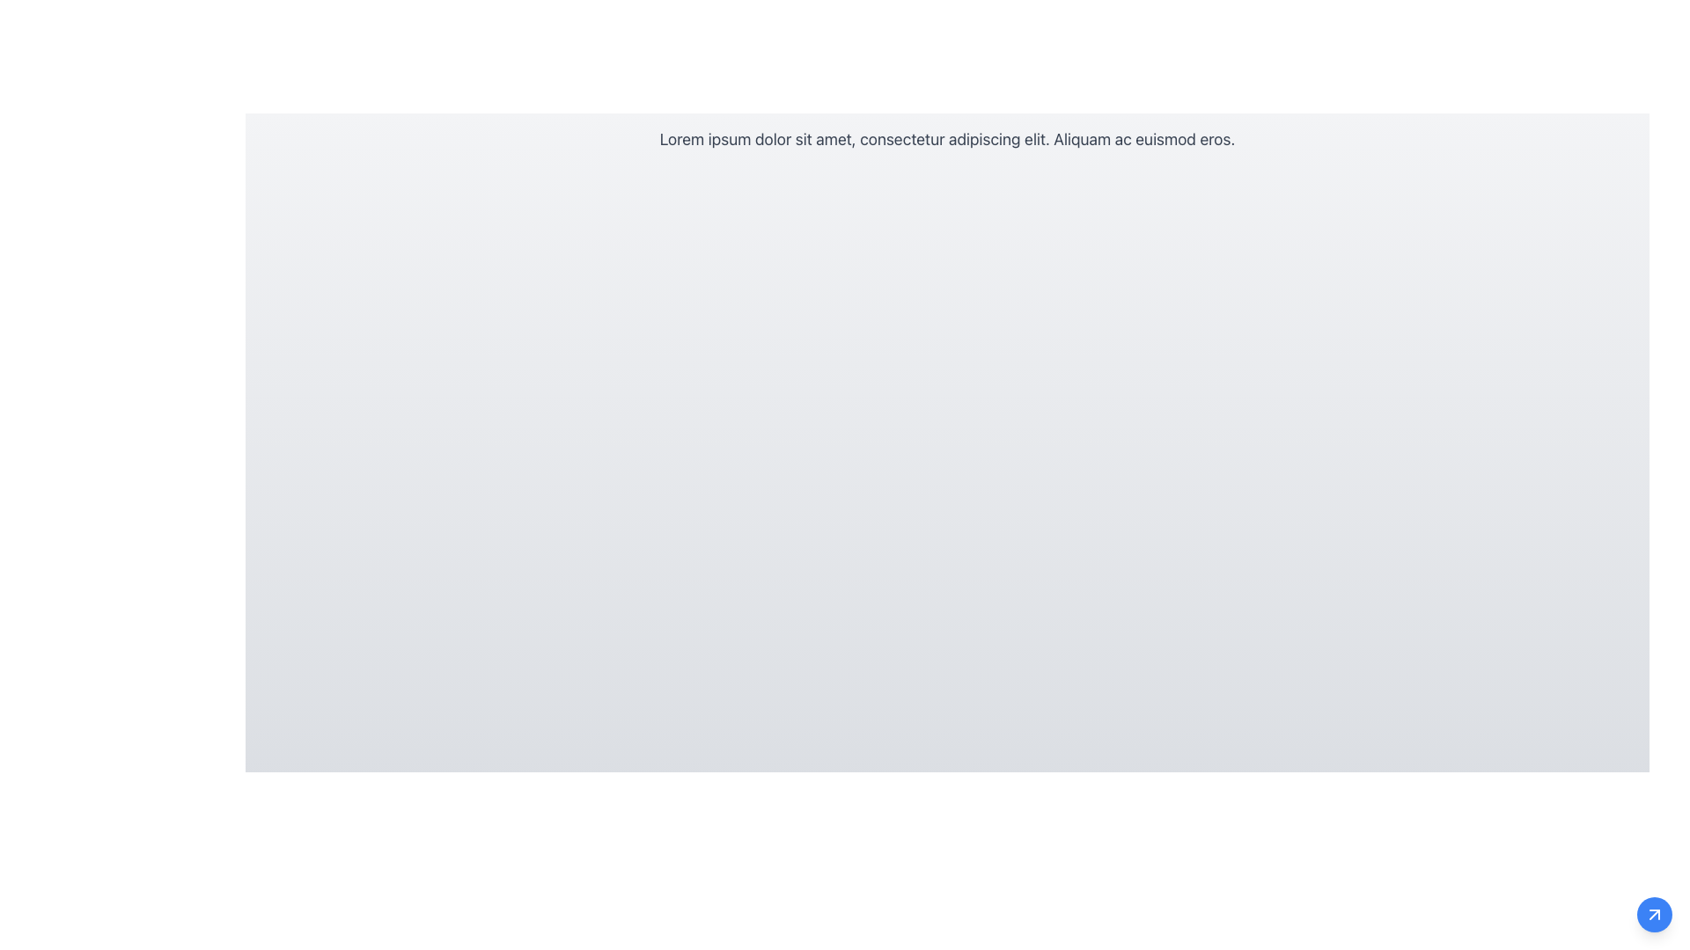 This screenshot has height=950, width=1690. What do you see at coordinates (1654, 914) in the screenshot?
I see `the white arrow icon inside the circular blue button located at the bottom-right corner of the interface` at bounding box center [1654, 914].